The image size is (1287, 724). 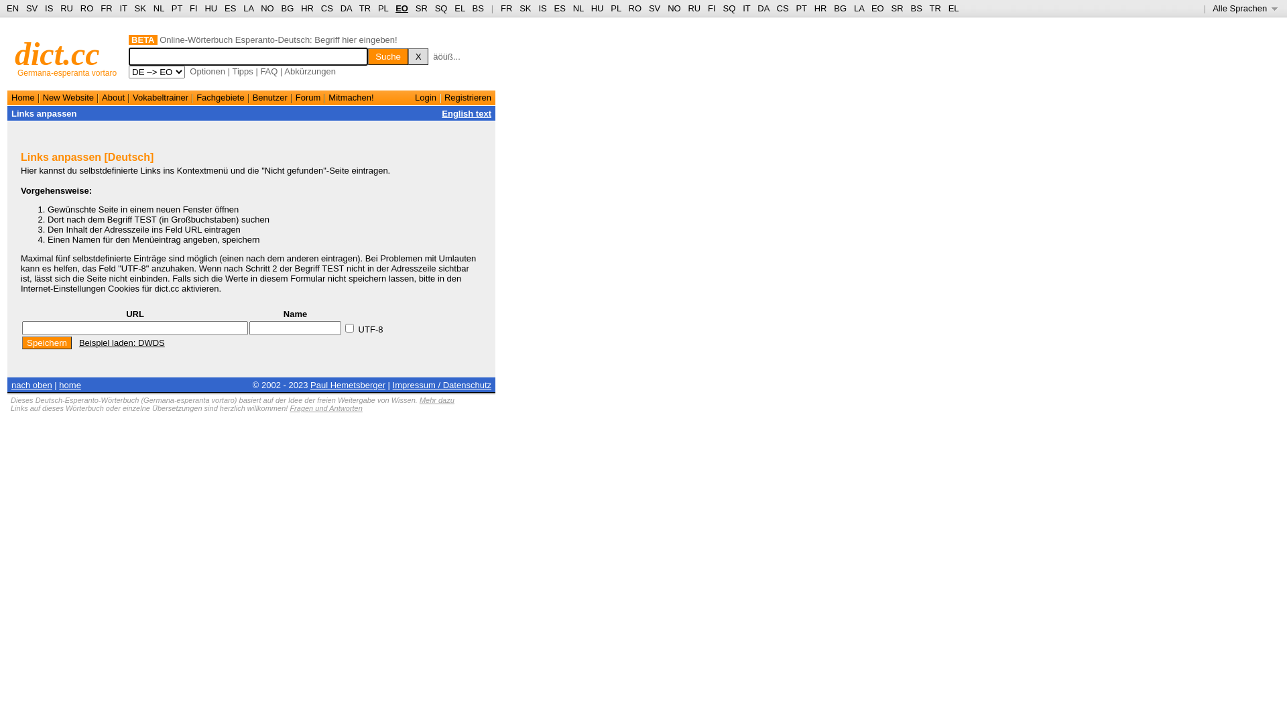 I want to click on 'nach oben', so click(x=32, y=384).